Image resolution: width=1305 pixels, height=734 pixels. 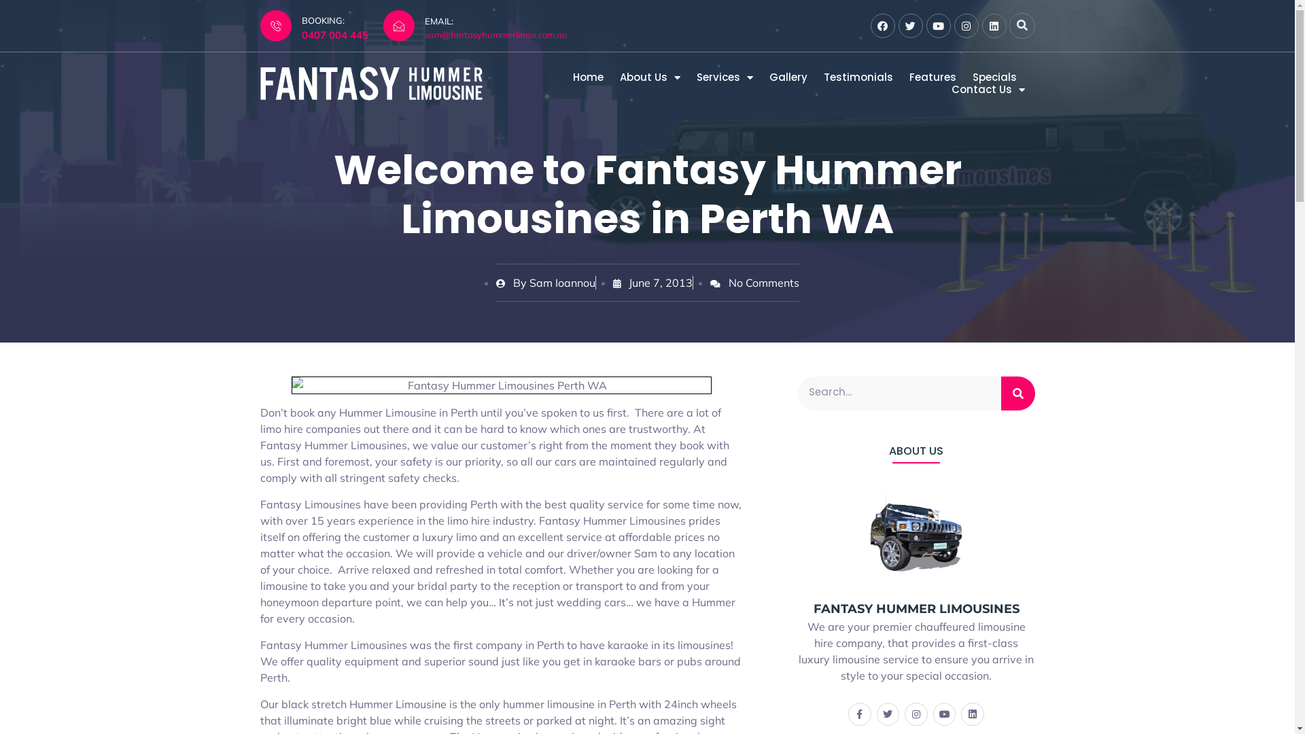 I want to click on '0407 004 445', so click(x=335, y=34).